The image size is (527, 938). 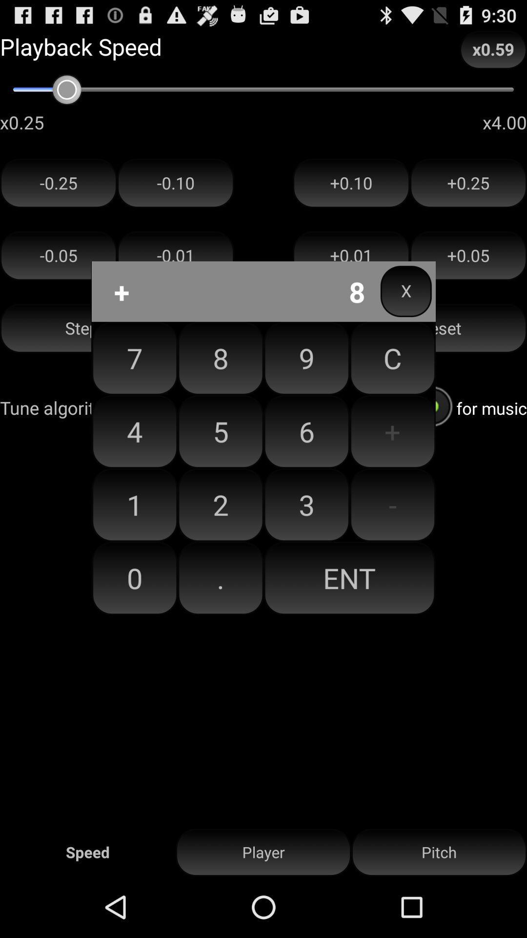 What do you see at coordinates (348, 578) in the screenshot?
I see `ent icon` at bounding box center [348, 578].